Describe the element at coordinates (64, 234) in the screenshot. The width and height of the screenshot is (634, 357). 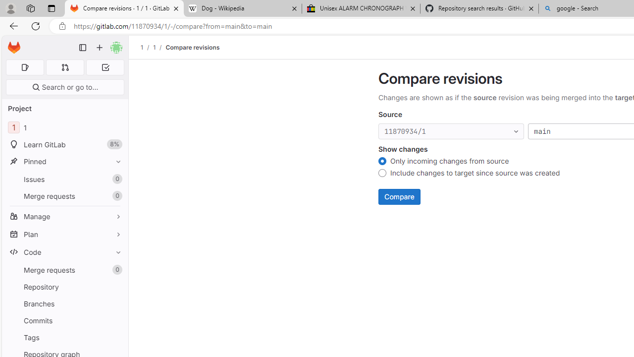
I see `'Plan'` at that location.